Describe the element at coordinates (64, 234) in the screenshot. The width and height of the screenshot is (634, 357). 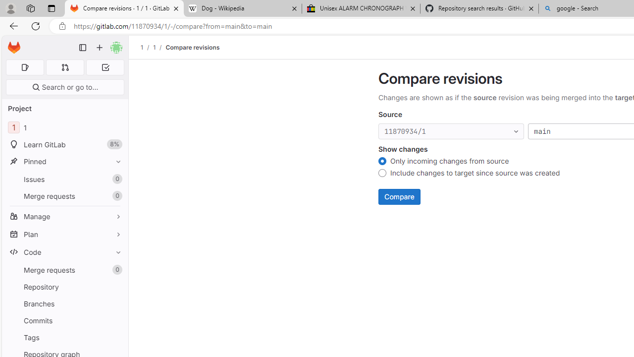
I see `'Plan'` at that location.